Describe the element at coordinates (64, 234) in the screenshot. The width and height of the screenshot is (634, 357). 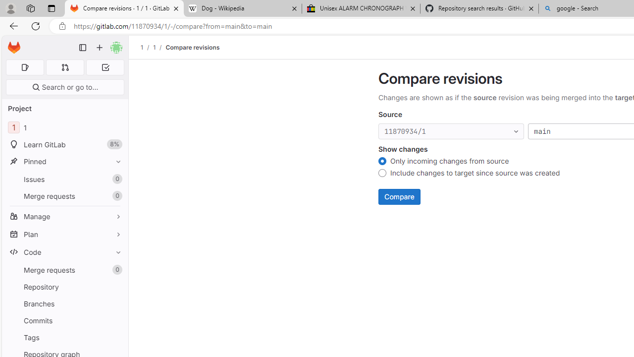
I see `'Plan'` at that location.